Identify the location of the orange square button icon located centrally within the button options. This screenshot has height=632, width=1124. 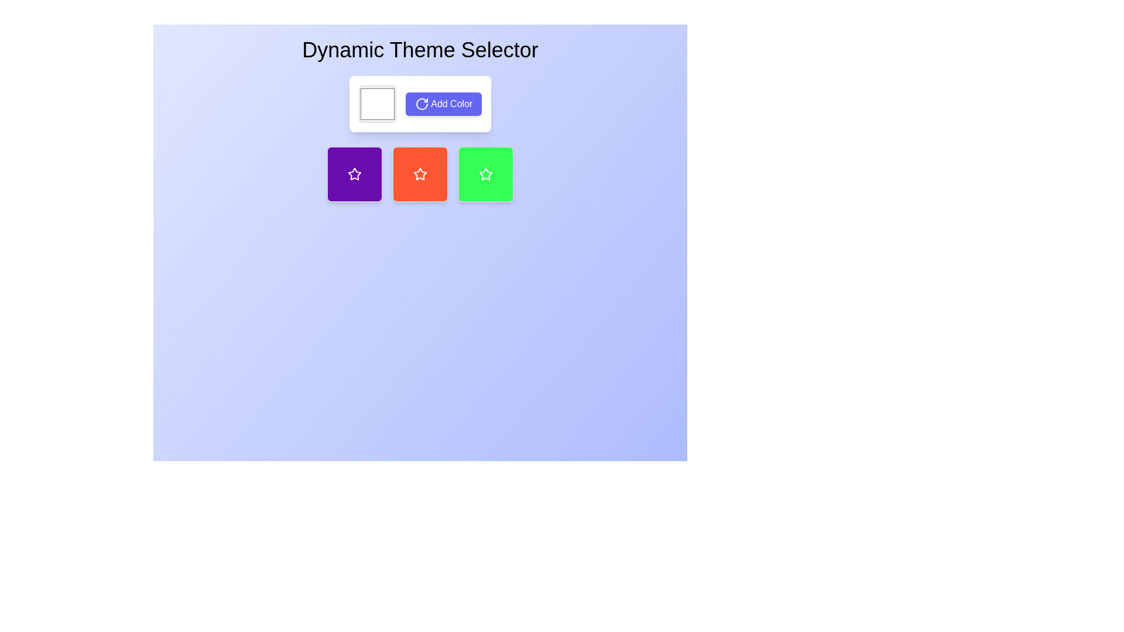
(420, 174).